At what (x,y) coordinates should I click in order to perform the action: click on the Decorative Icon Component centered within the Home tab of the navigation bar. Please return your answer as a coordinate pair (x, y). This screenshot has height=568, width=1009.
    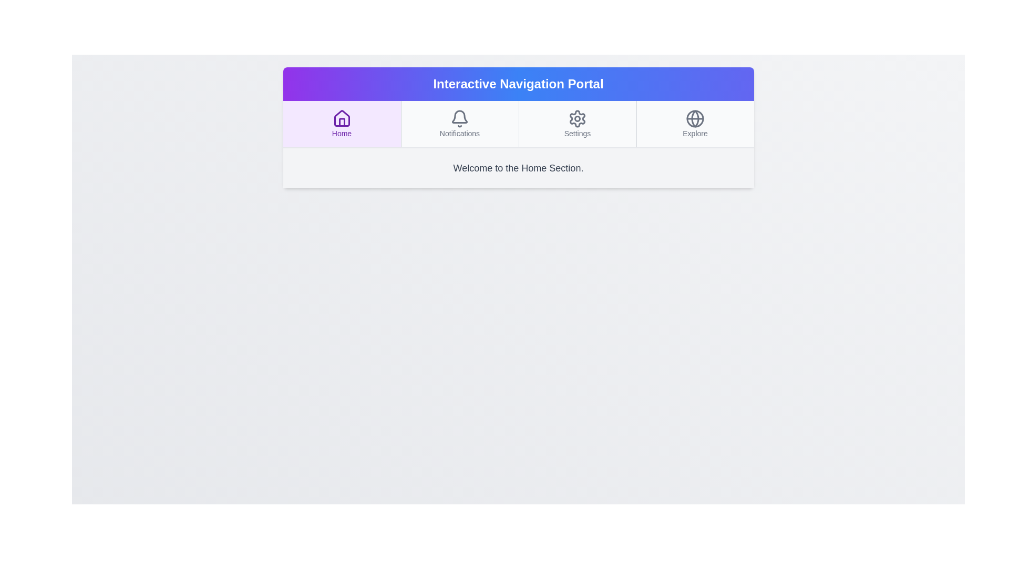
    Looking at the image, I should click on (342, 121).